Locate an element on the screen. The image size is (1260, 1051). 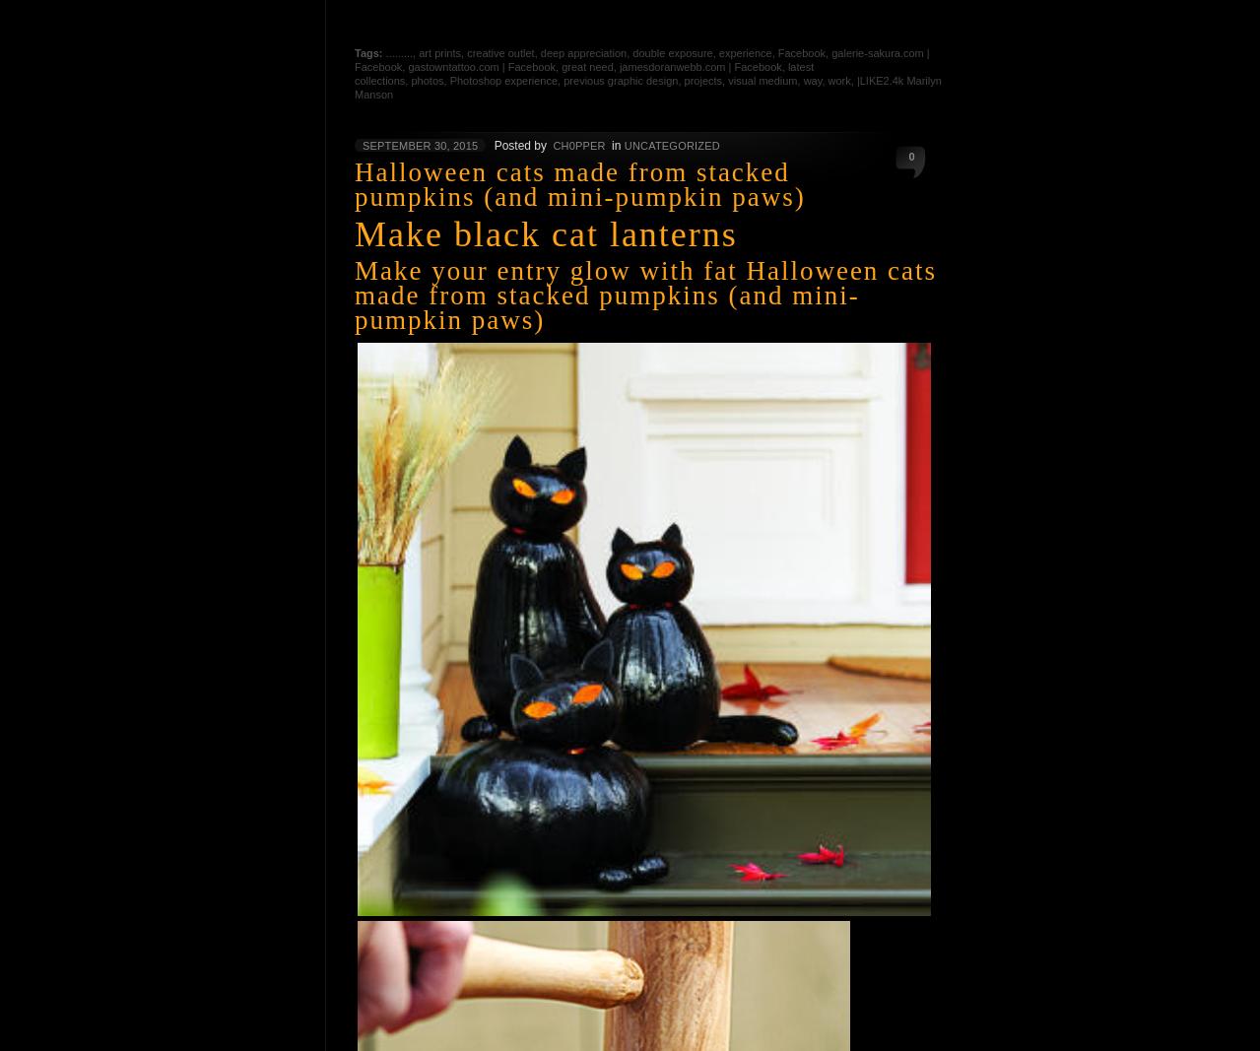
'jamesdoranwebb.com | Facebook' is located at coordinates (698, 65).